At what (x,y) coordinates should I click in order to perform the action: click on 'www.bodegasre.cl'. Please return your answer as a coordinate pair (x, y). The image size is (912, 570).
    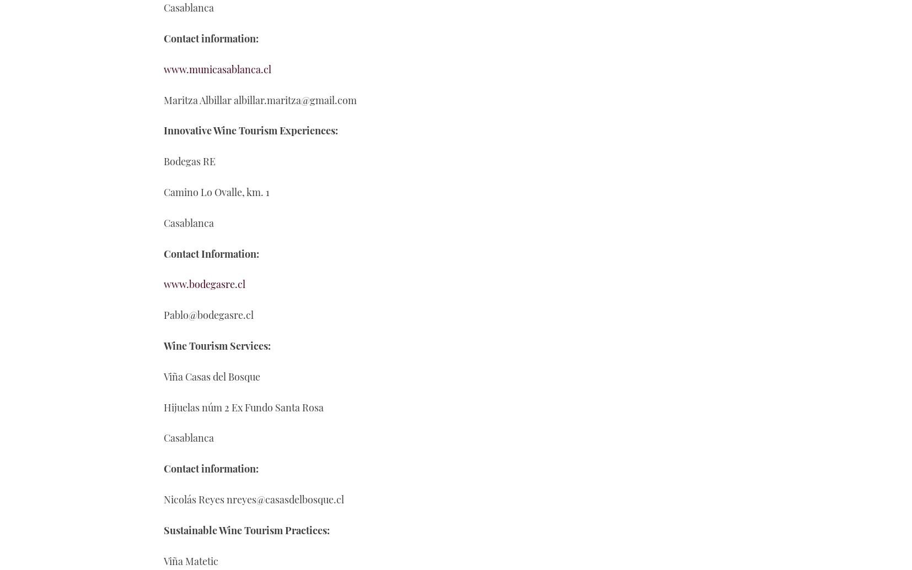
    Looking at the image, I should click on (203, 284).